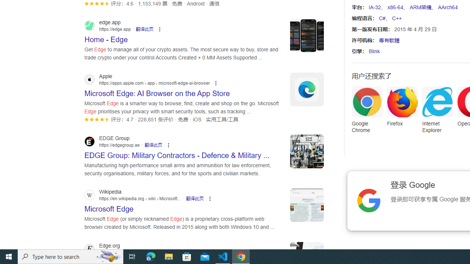  I want to click on 'C#', so click(382, 18).